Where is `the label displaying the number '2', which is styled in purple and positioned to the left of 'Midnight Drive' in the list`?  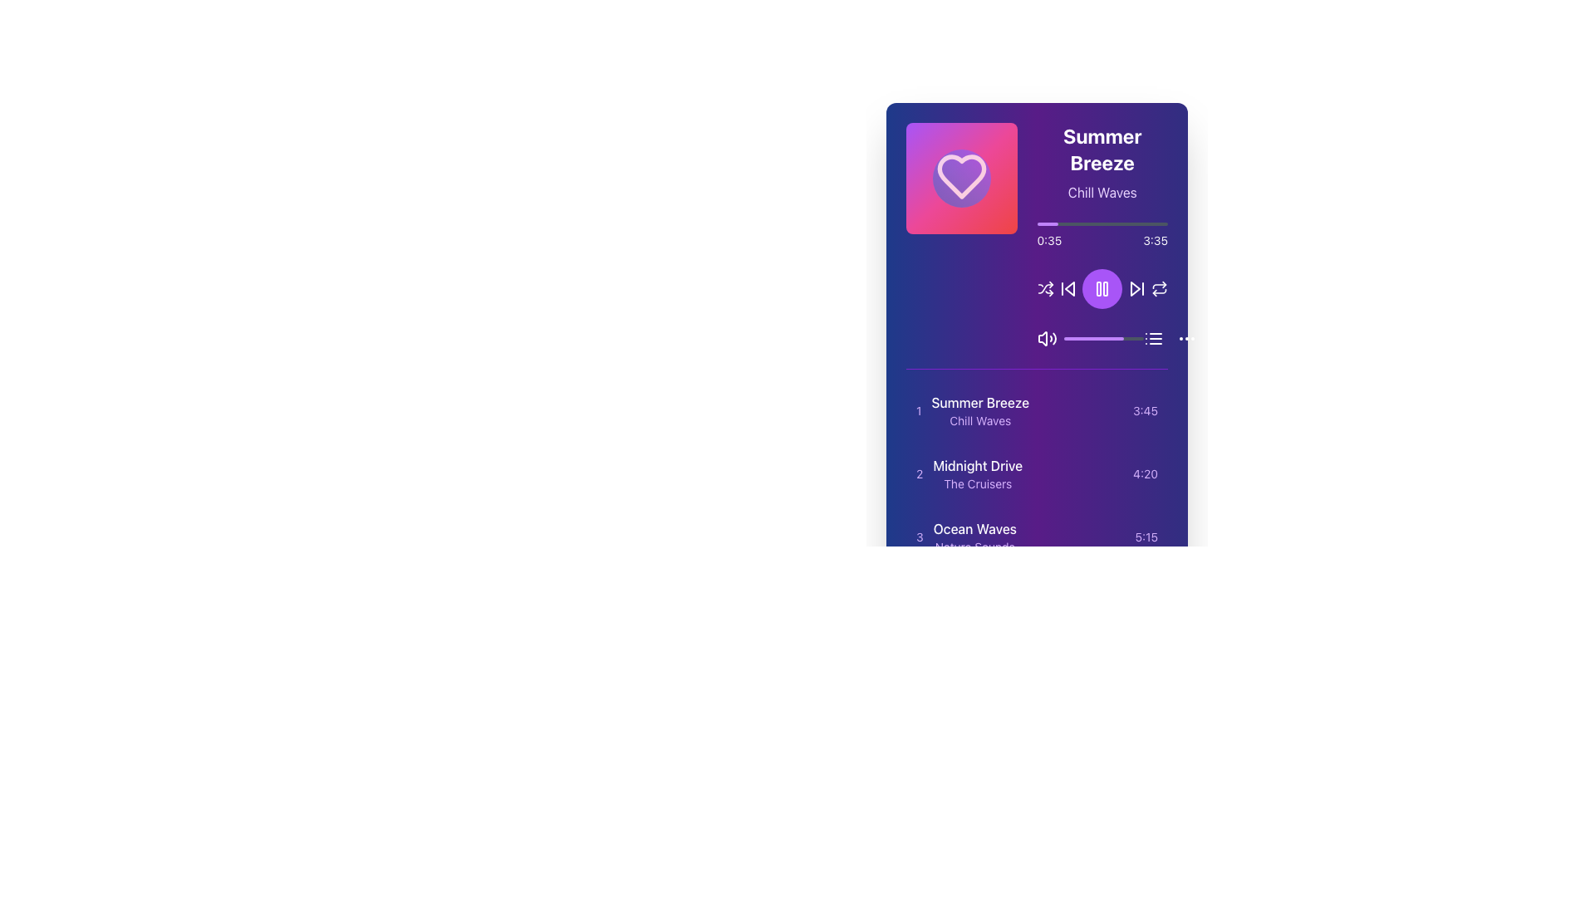
the label displaying the number '2', which is styled in purple and positioned to the left of 'Midnight Drive' in the list is located at coordinates (919, 473).